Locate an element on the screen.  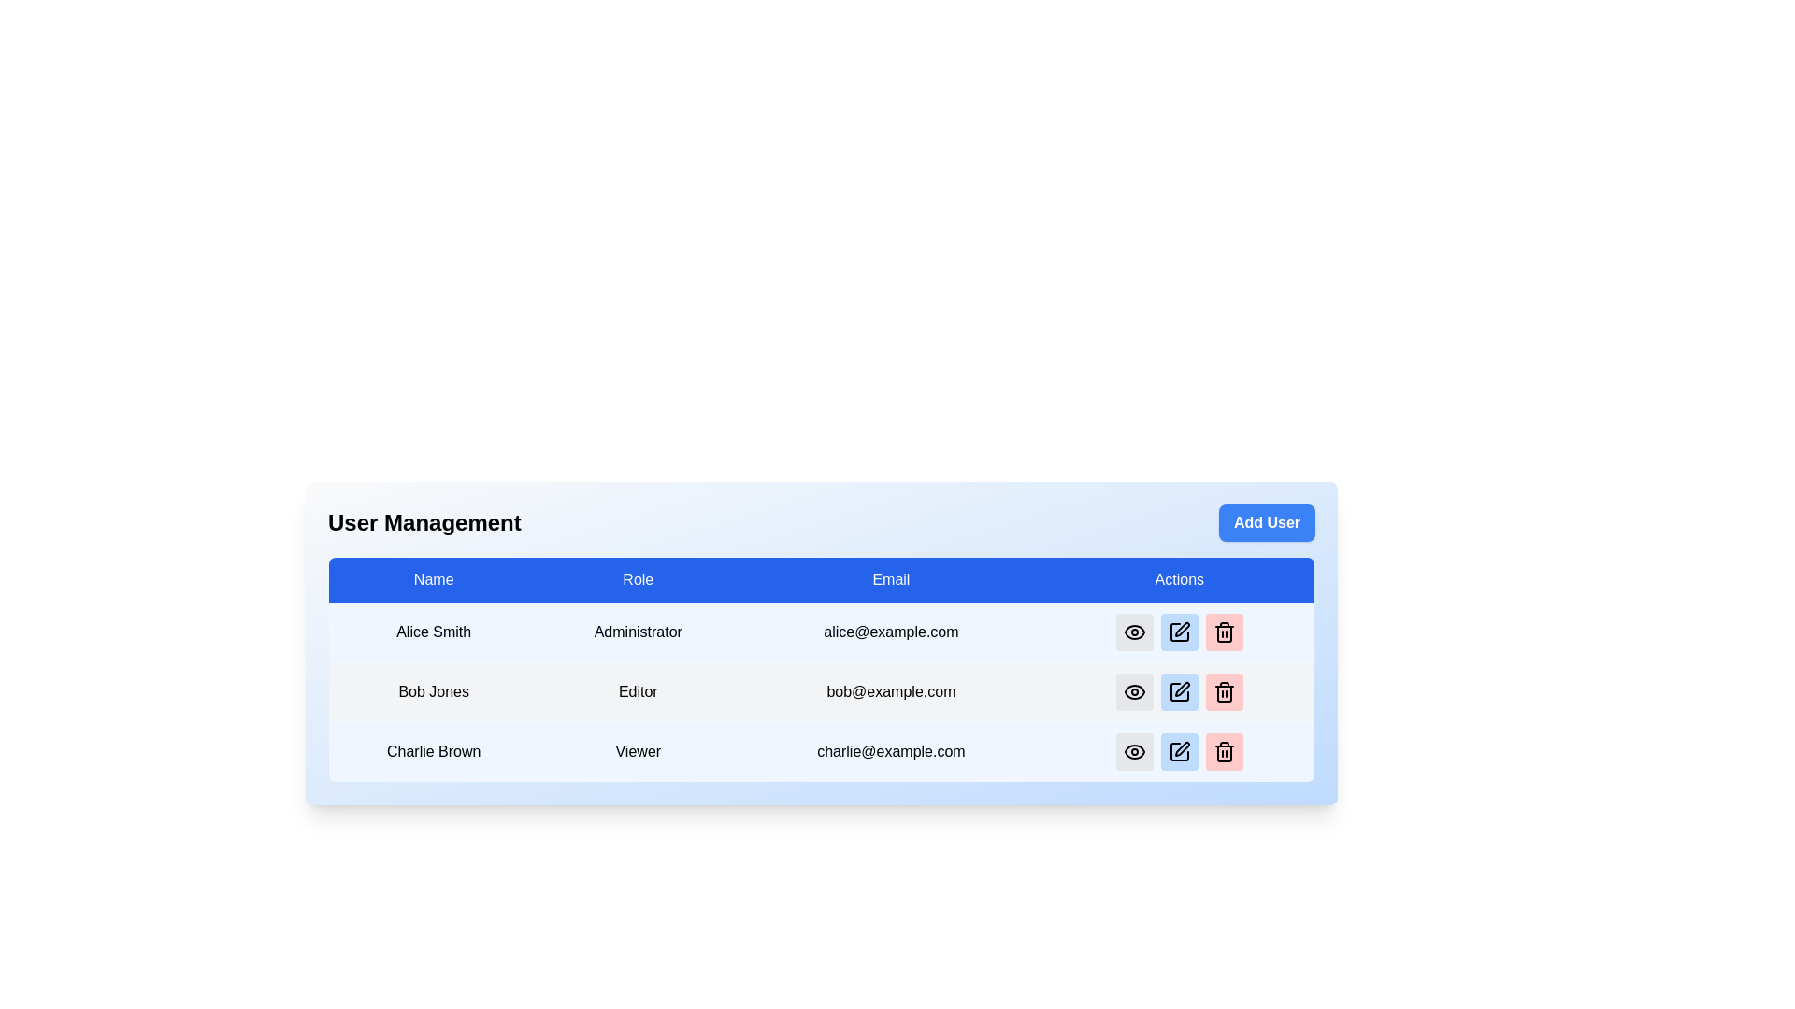
the deletion button with an SVG icon for the 'Charlie Brown' user entry is located at coordinates (1224, 632).